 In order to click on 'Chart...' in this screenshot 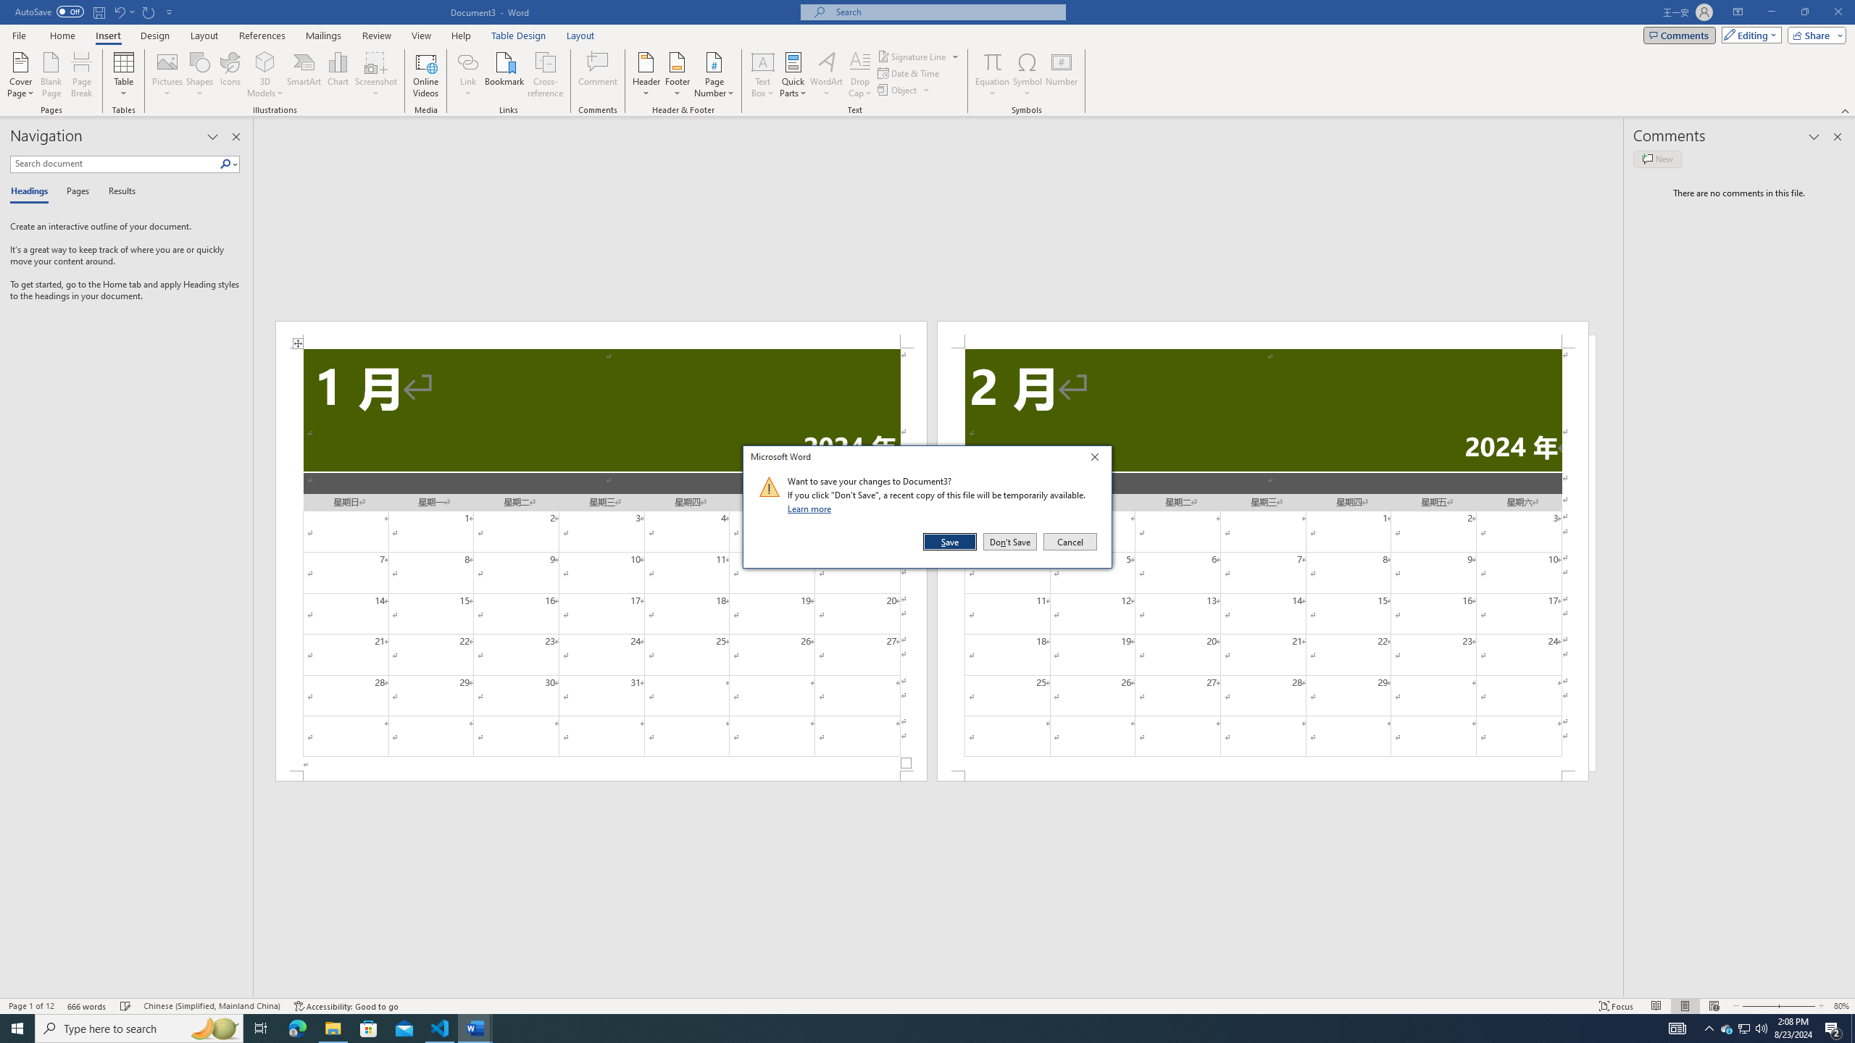, I will do `click(338, 75)`.